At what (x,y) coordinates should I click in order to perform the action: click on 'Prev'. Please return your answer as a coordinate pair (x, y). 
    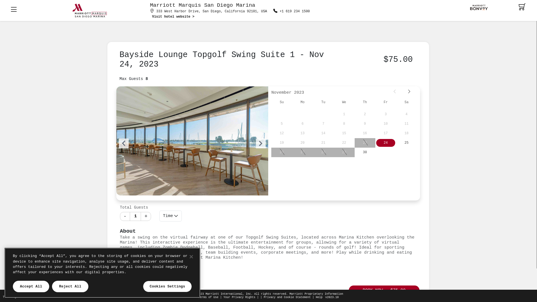
    Looking at the image, I should click on (395, 91).